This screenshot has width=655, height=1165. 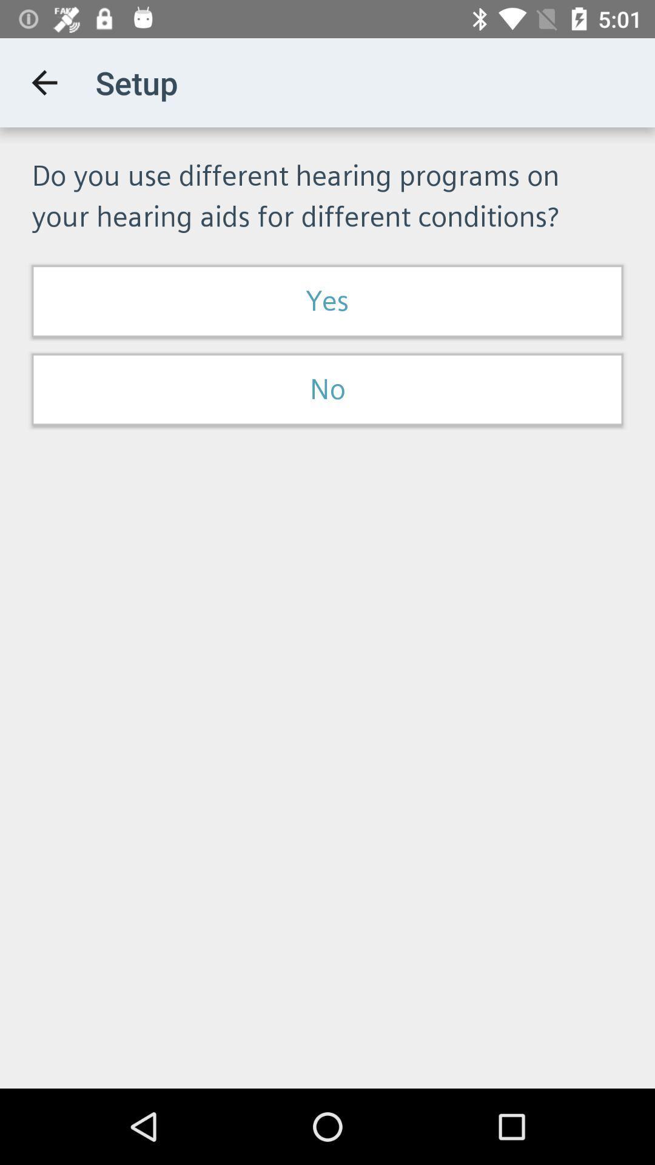 What do you see at coordinates (327, 390) in the screenshot?
I see `no item` at bounding box center [327, 390].